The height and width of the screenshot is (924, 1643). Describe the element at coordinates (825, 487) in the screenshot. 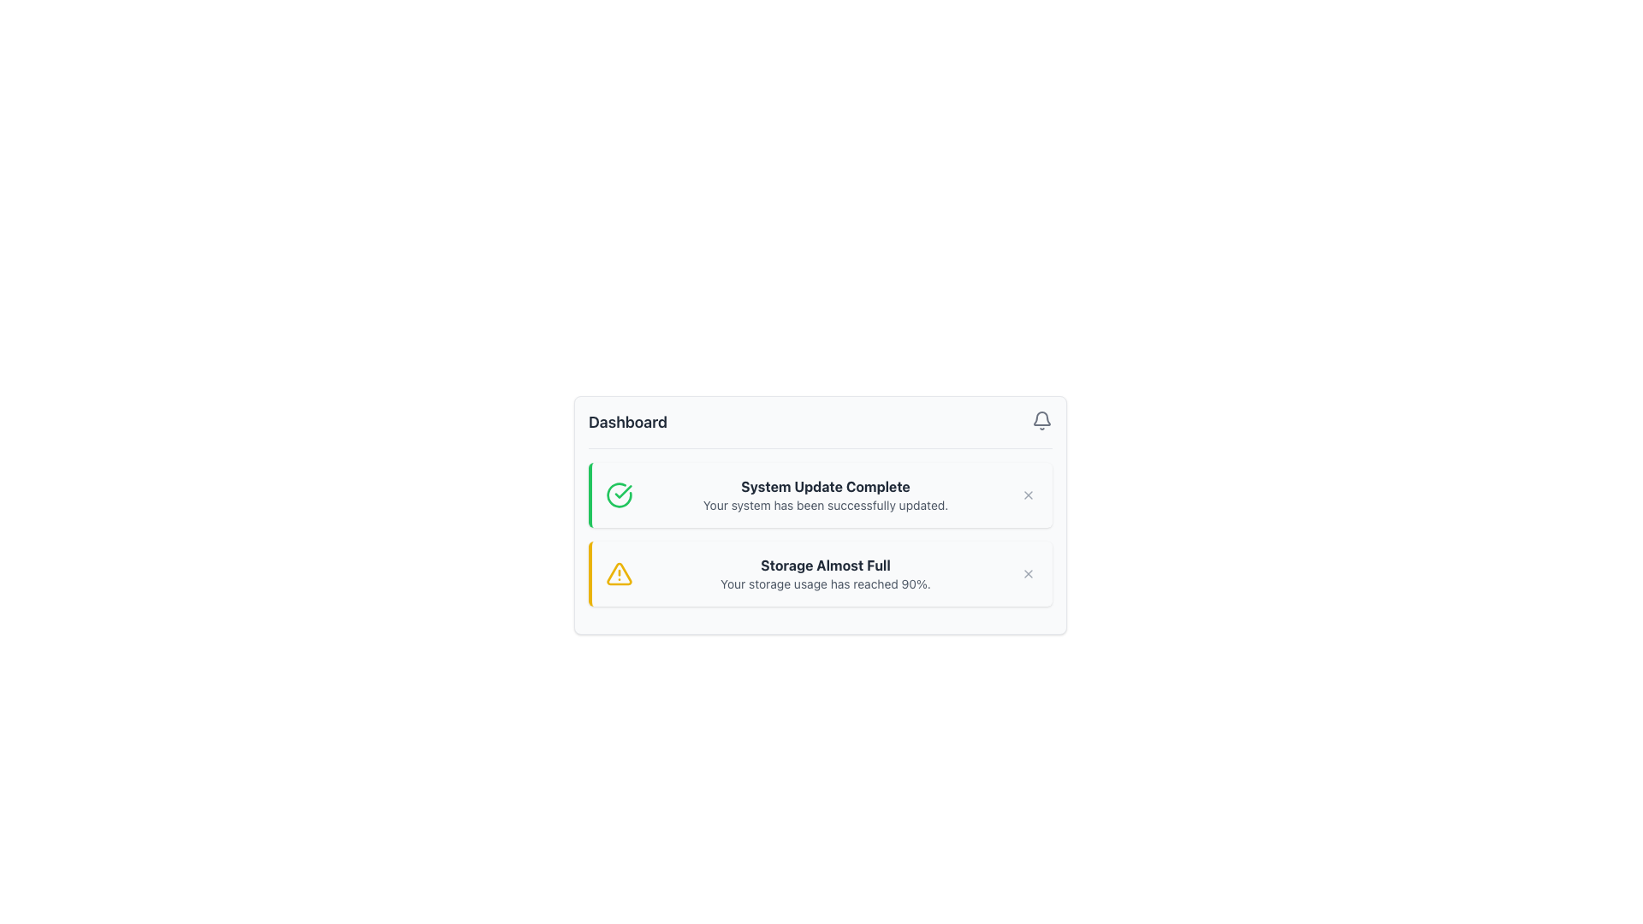

I see `information from the main headline Text Label in the upper notification card of the dashboard interface, which indicates the successful completion of the system update` at that location.